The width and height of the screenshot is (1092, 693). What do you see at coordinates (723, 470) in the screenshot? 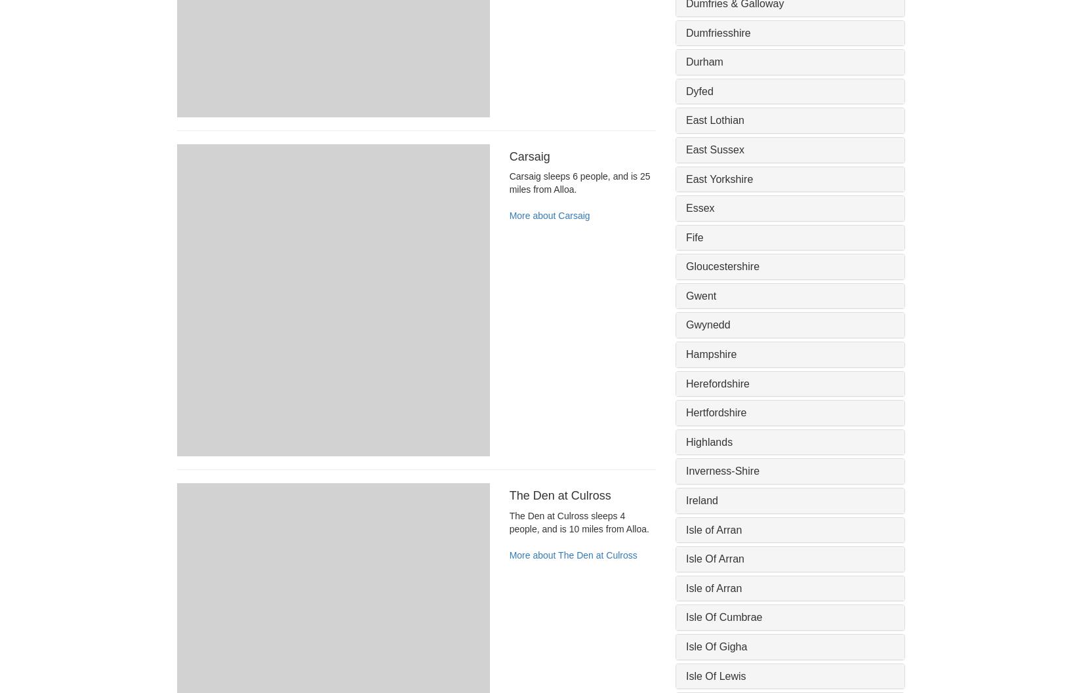
I see `'Inverness-Shire'` at bounding box center [723, 470].